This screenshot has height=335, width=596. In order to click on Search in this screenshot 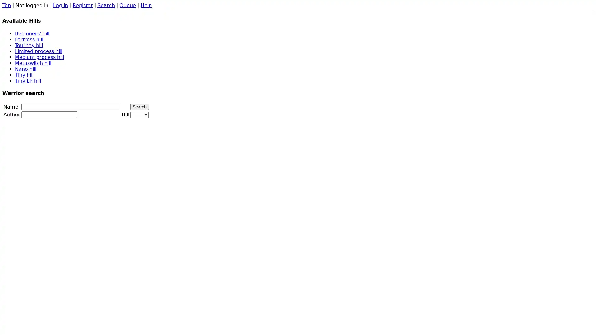, I will do `click(139, 106)`.